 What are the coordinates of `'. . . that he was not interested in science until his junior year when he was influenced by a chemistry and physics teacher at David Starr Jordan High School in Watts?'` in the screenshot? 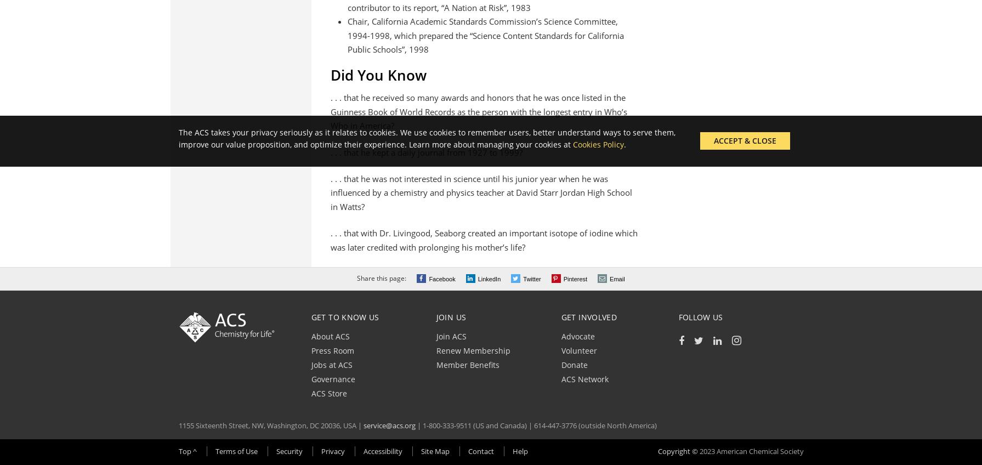 It's located at (331, 191).